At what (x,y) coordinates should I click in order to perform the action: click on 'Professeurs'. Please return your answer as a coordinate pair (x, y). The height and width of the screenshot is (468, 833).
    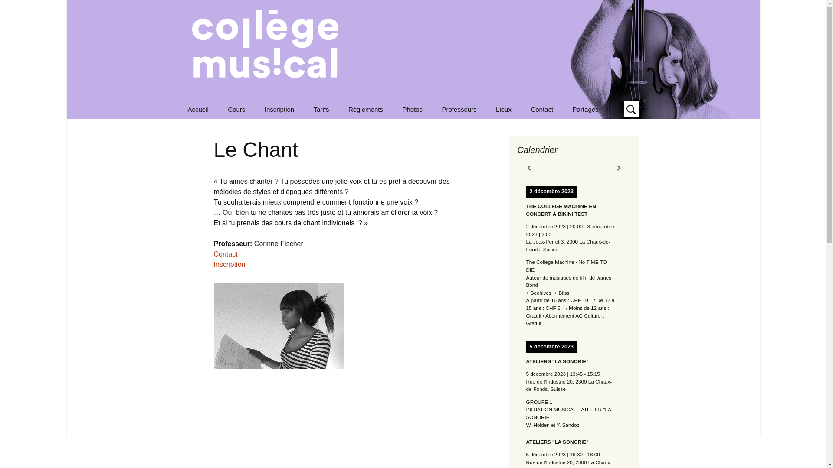
    Looking at the image, I should click on (476, 129).